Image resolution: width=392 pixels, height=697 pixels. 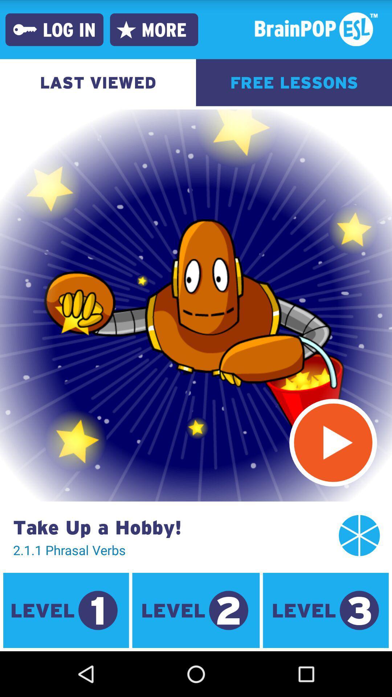 I want to click on the key icon, so click(x=25, y=29).